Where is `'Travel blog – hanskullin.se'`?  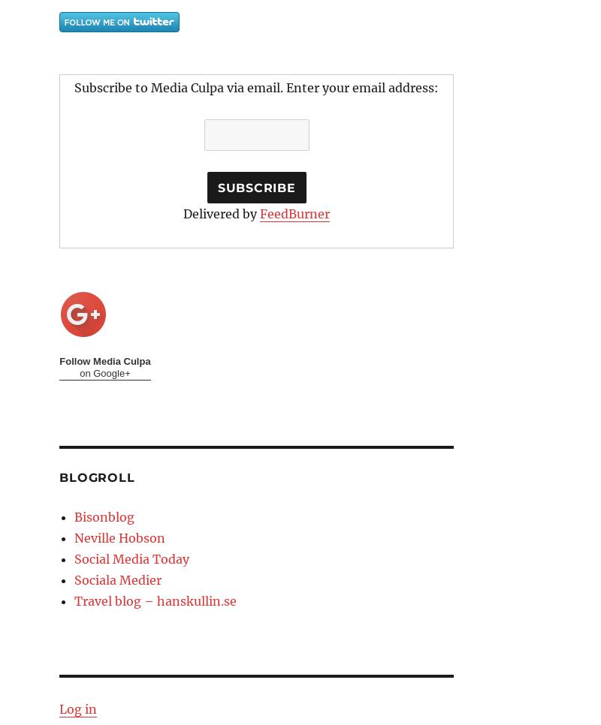 'Travel blog – hanskullin.se' is located at coordinates (155, 601).